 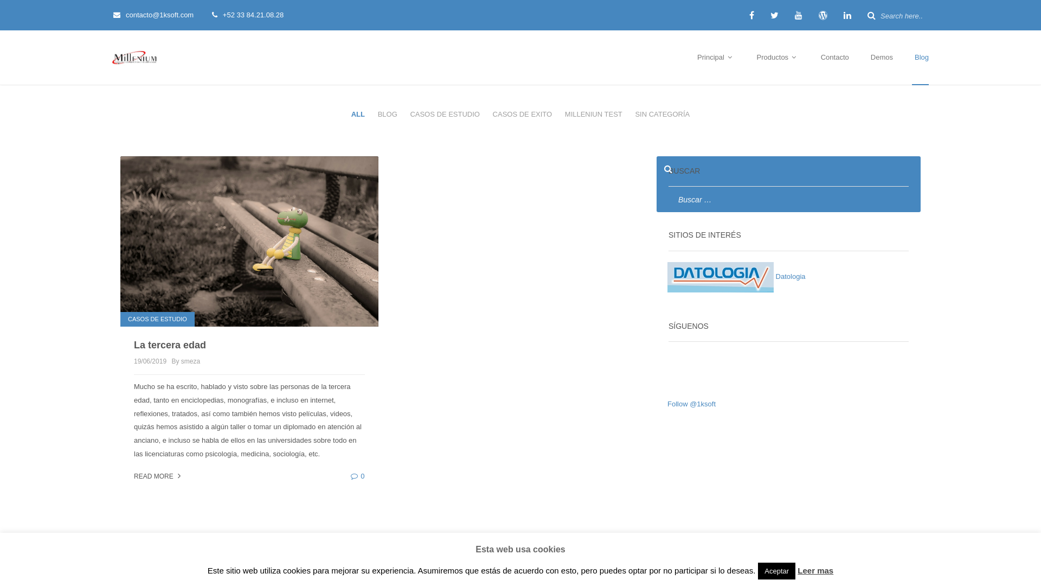 What do you see at coordinates (593, 114) in the screenshot?
I see `'MILLENIUN TEST'` at bounding box center [593, 114].